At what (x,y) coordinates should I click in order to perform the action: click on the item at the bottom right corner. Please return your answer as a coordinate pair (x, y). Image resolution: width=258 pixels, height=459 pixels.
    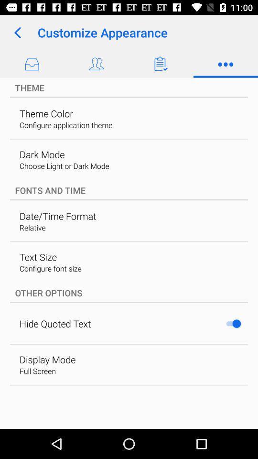
    Looking at the image, I should click on (233, 324).